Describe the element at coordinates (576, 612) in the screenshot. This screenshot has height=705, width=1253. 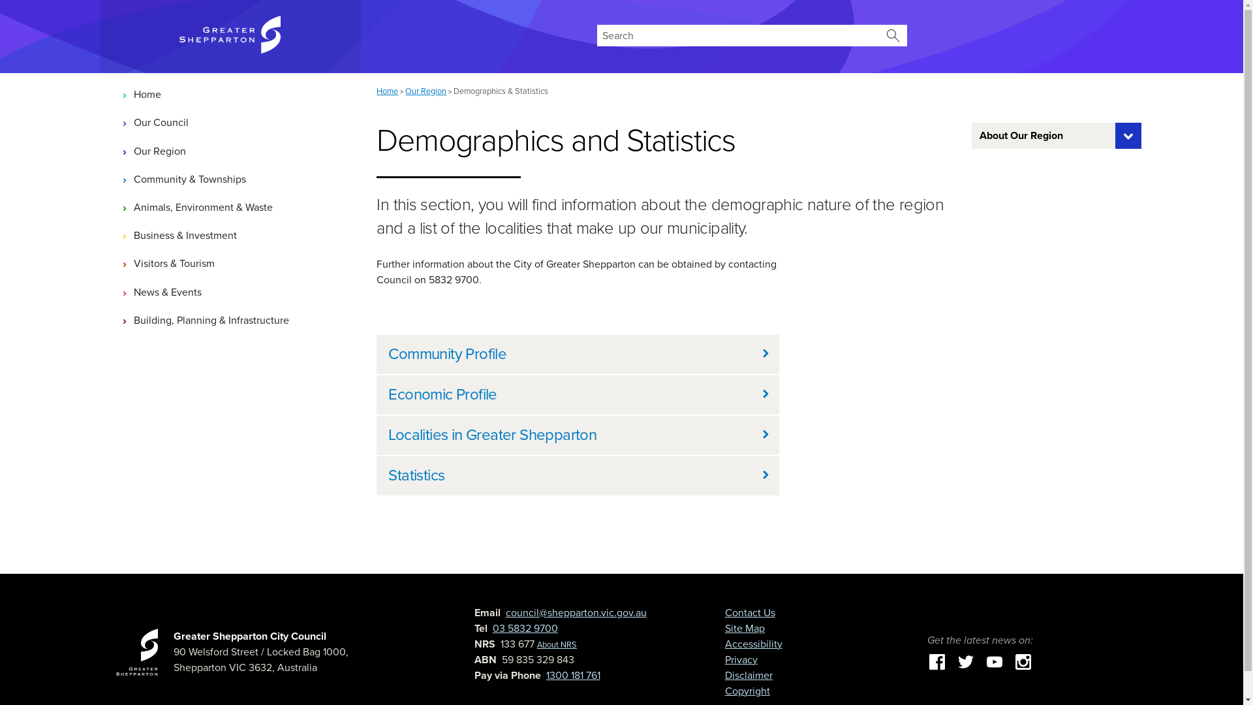
I see `'council@shepparton.vic.gov.au'` at that location.